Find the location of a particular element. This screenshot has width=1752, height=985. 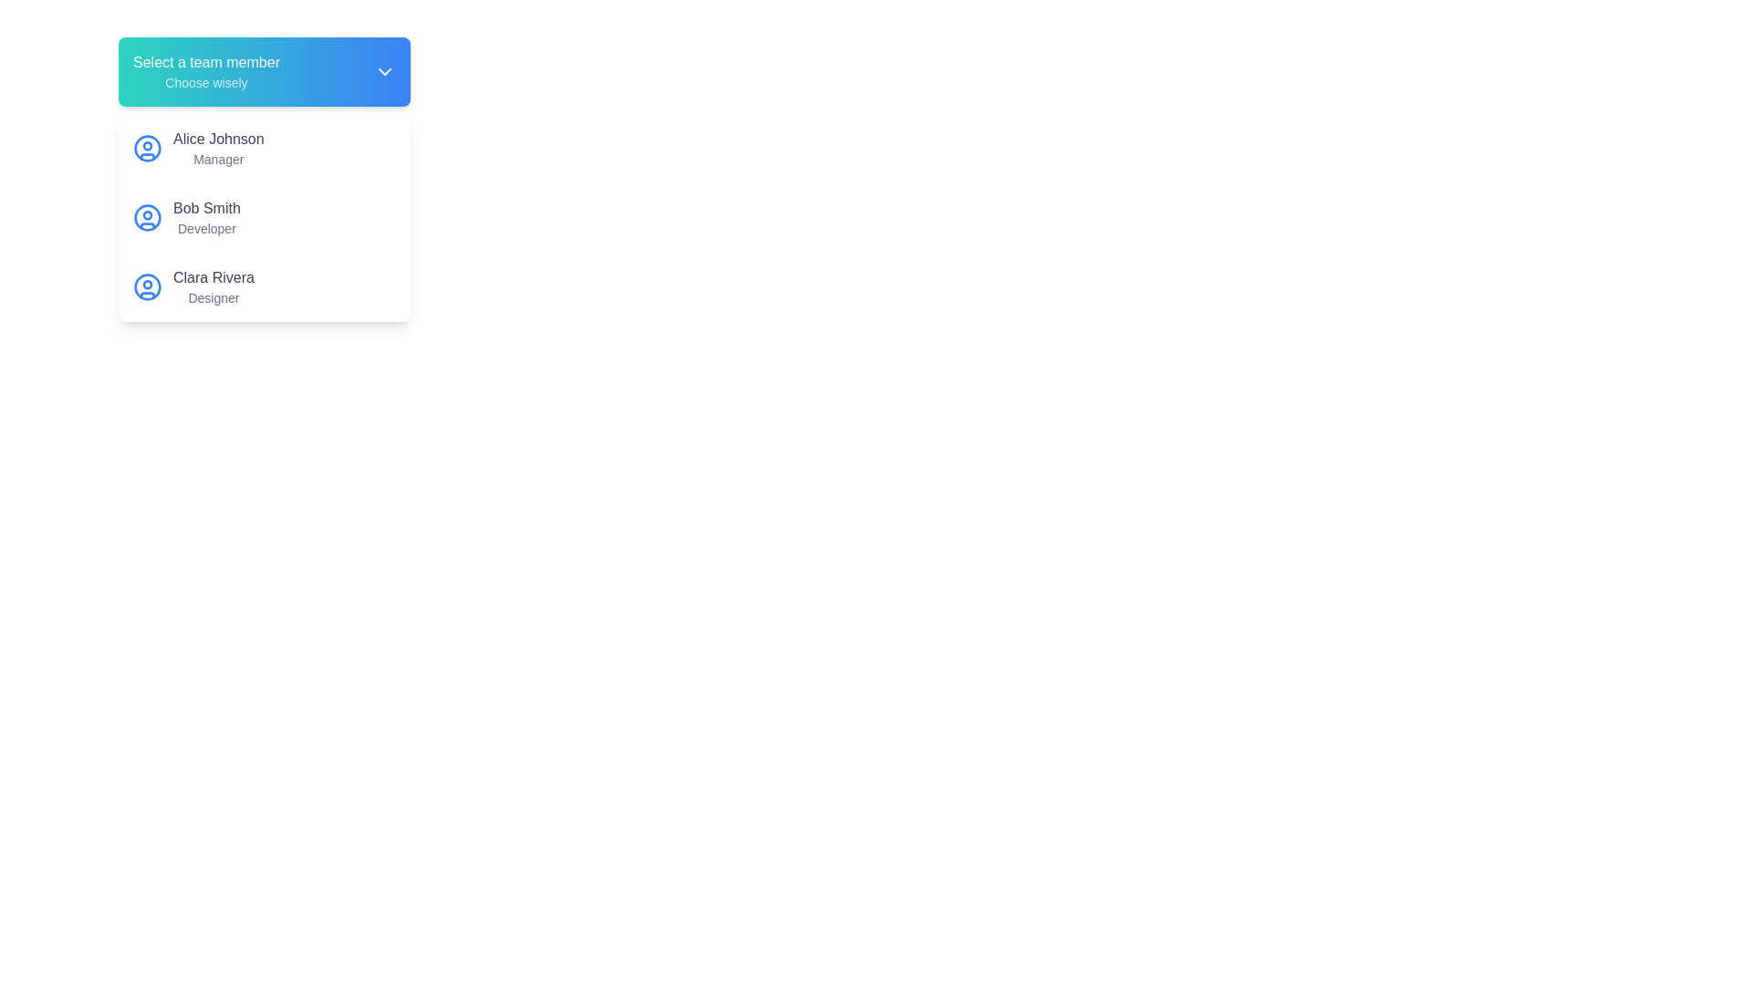

the guidance Text label positioned below 'Select a team member' in the top-left region of the interface is located at coordinates (206, 83).